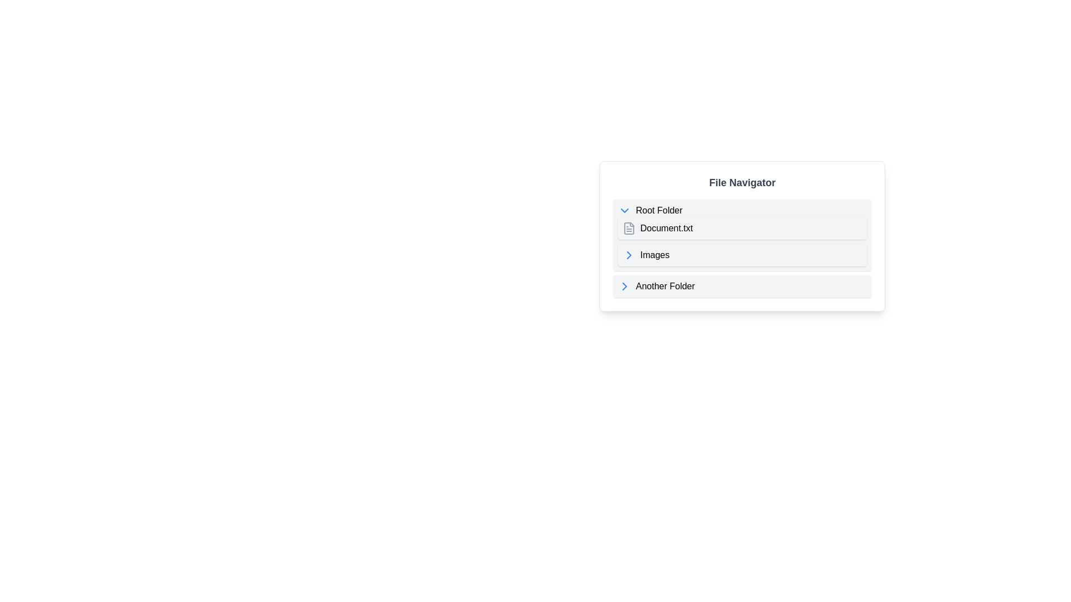 This screenshot has height=602, width=1071. Describe the element at coordinates (742, 211) in the screenshot. I see `the 'Root Folder' interactive list item` at that location.